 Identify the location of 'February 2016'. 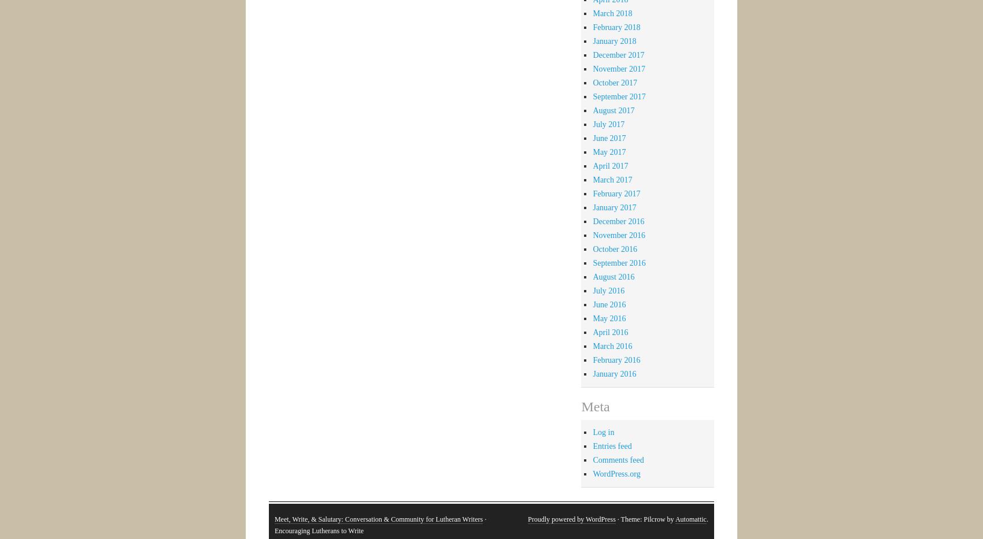
(616, 359).